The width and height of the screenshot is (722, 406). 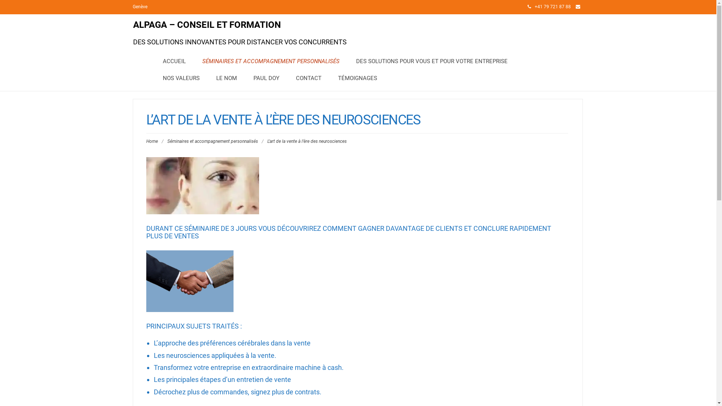 What do you see at coordinates (208, 78) in the screenshot?
I see `'LE NOM'` at bounding box center [208, 78].